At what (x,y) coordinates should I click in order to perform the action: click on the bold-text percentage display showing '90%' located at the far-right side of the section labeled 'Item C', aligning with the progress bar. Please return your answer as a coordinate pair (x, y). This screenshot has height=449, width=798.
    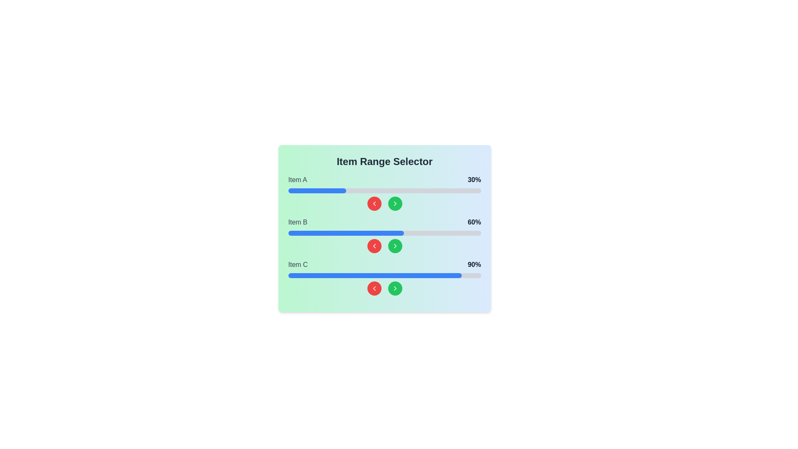
    Looking at the image, I should click on (474, 264).